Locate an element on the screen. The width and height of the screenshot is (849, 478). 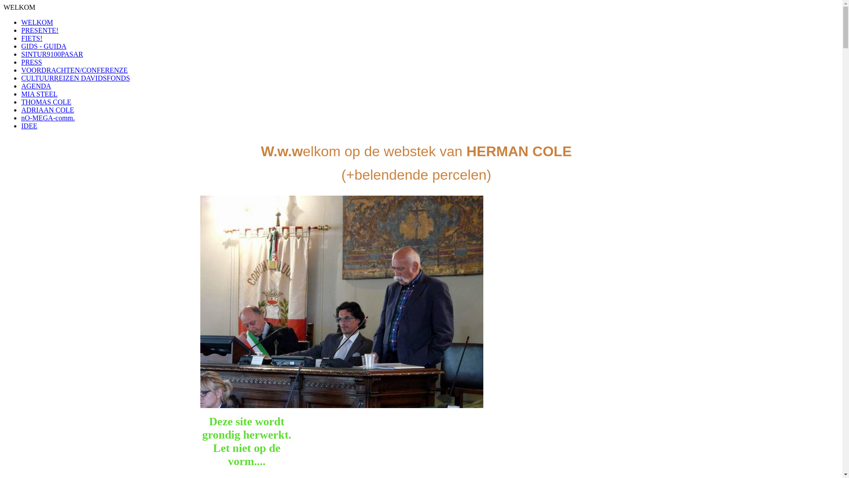
'FIETS!' is located at coordinates (32, 38).